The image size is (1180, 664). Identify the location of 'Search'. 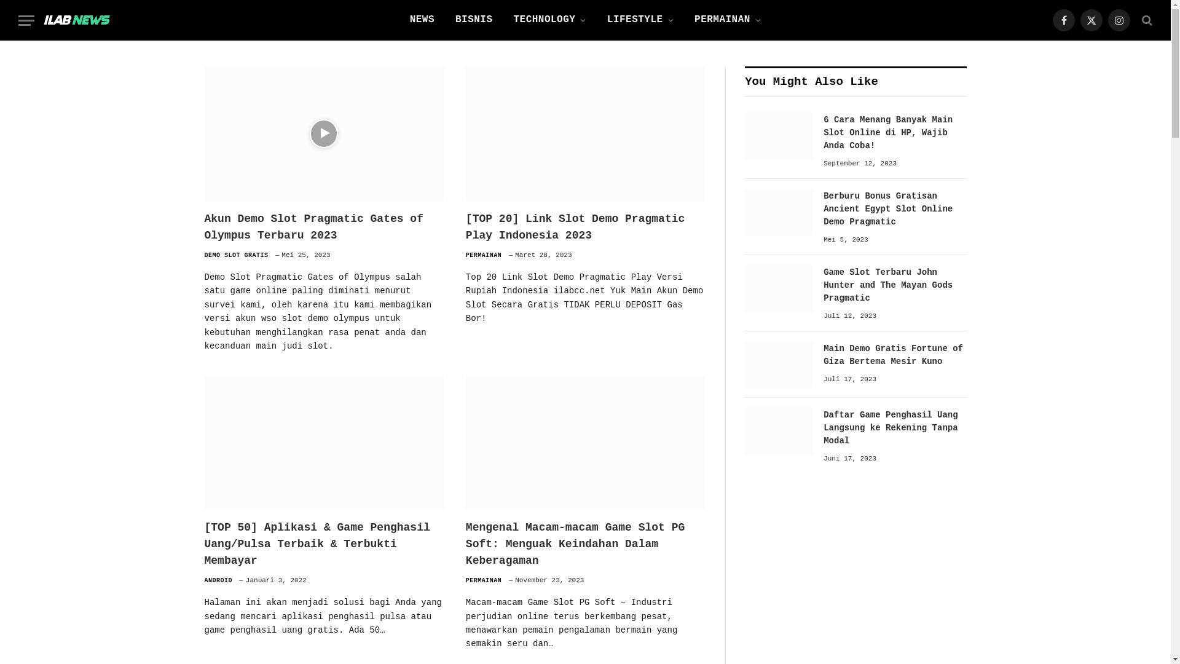
(1145, 20).